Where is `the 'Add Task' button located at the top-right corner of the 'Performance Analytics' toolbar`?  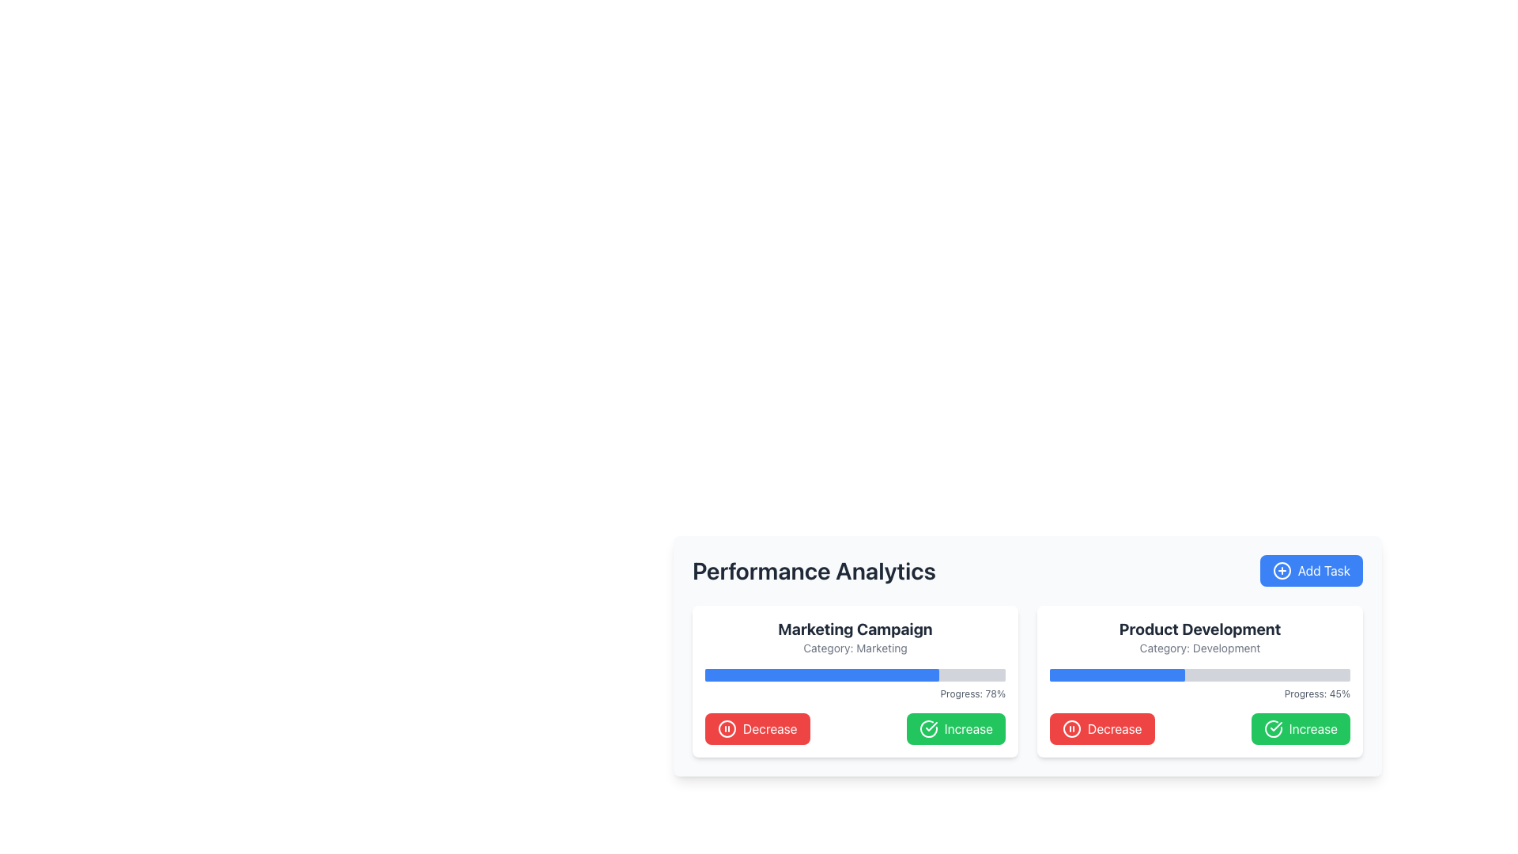
the 'Add Task' button located at the top-right corner of the 'Performance Analytics' toolbar is located at coordinates (1311, 570).